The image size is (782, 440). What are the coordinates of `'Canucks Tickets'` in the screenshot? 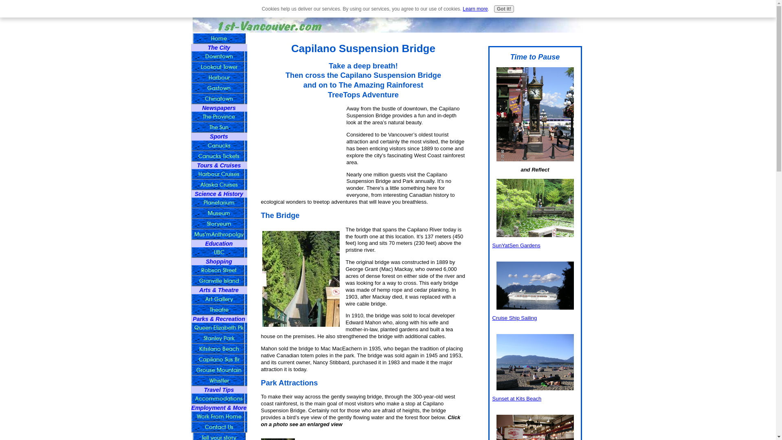 It's located at (219, 156).